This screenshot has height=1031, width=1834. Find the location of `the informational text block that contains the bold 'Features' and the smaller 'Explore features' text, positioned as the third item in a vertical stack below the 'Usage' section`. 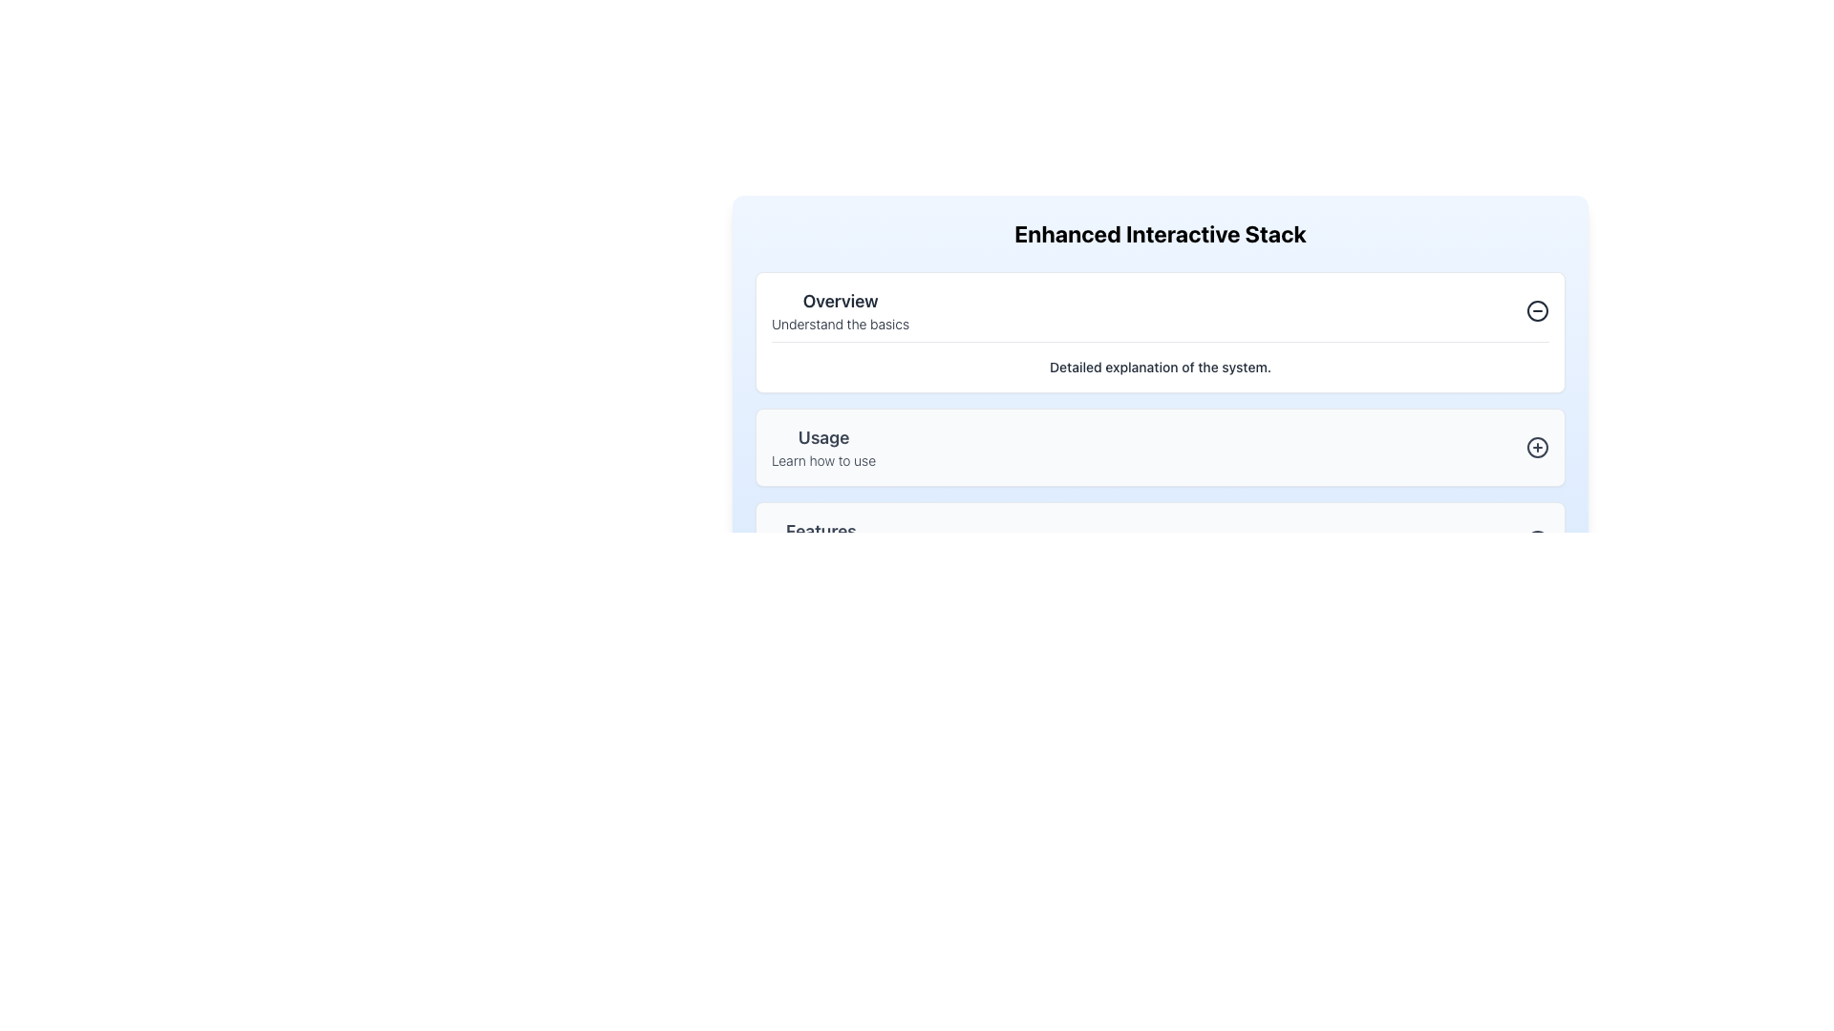

the informational text block that contains the bold 'Features' and the smaller 'Explore features' text, positioned as the third item in a vertical stack below the 'Usage' section is located at coordinates (821, 541).